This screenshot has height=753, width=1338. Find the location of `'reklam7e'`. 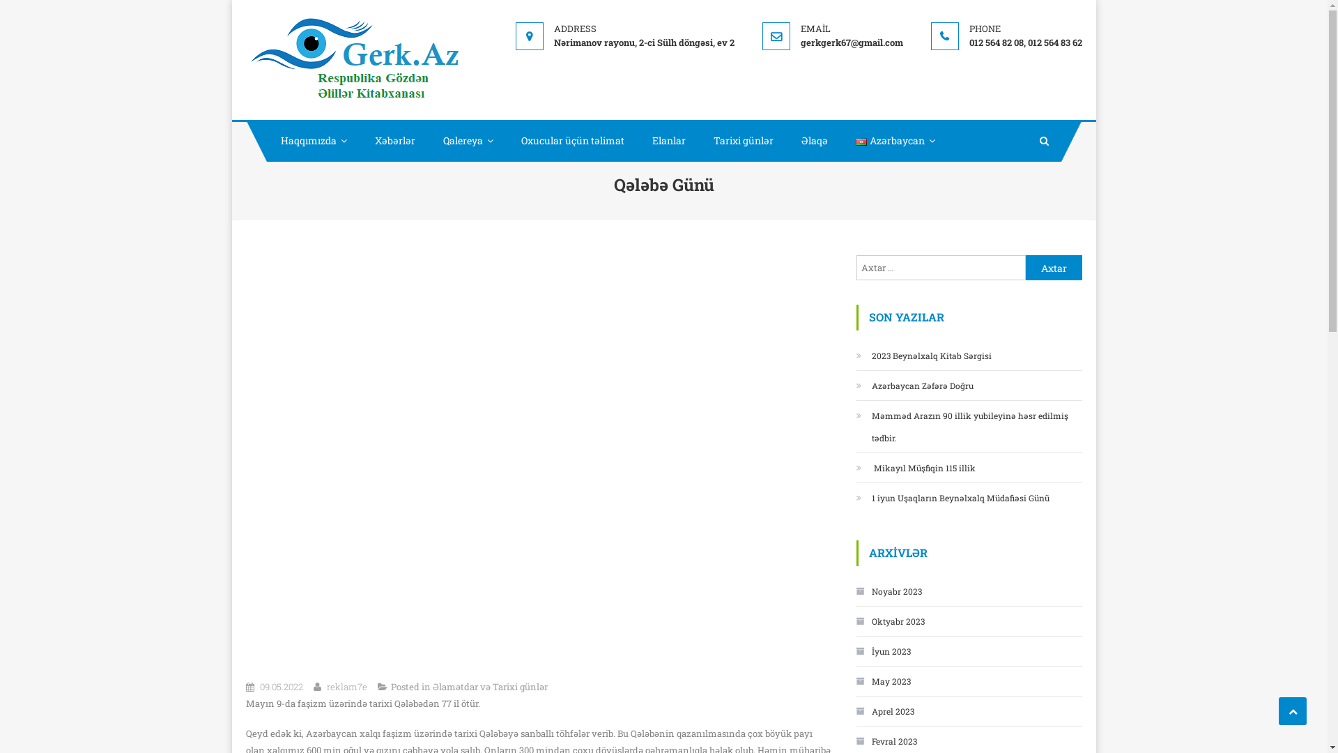

'reklam7e' is located at coordinates (346, 685).